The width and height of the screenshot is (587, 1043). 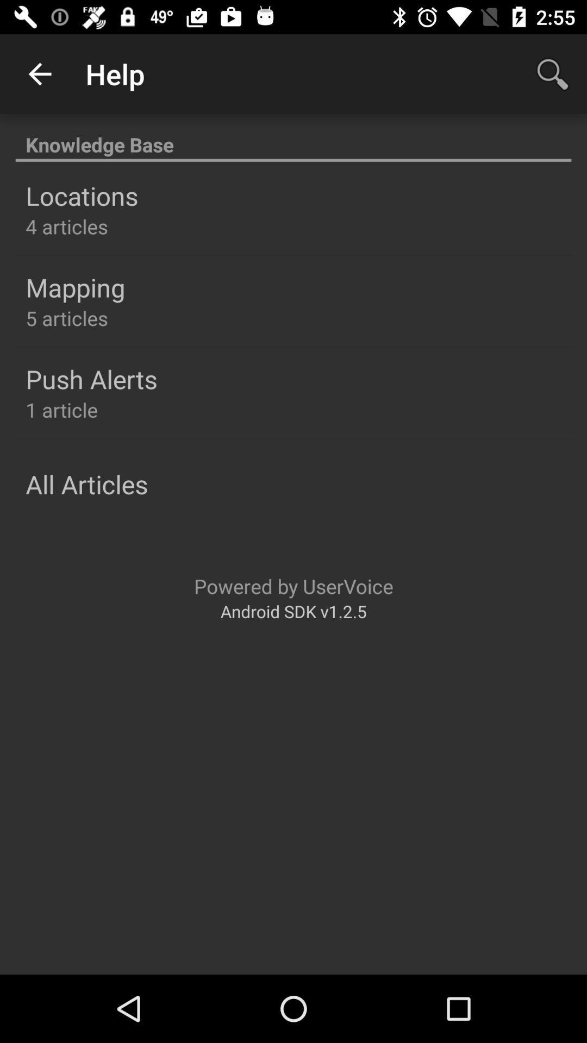 I want to click on icon next to the help item, so click(x=553, y=73).